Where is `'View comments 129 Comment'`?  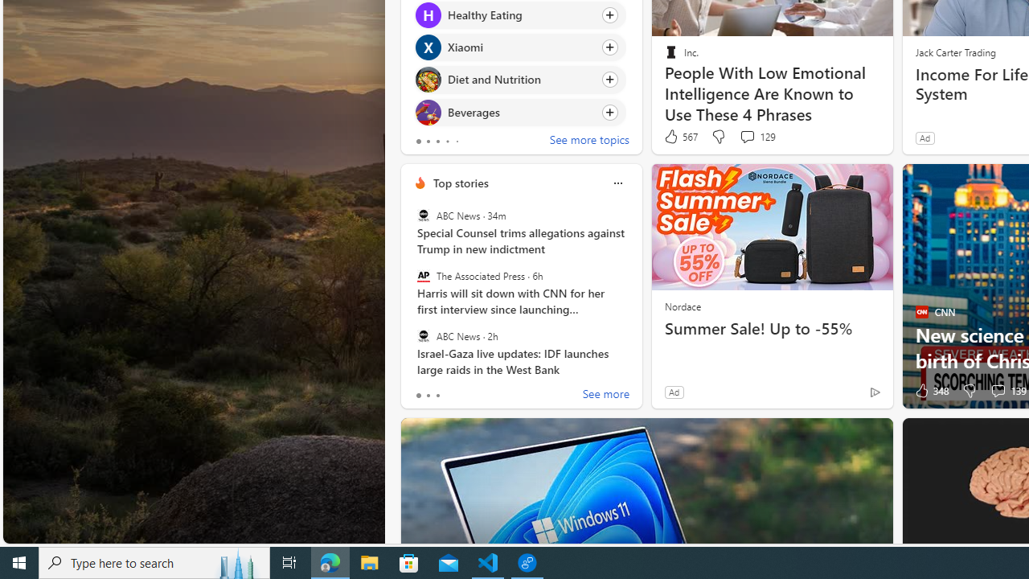 'View comments 129 Comment' is located at coordinates (746, 135).